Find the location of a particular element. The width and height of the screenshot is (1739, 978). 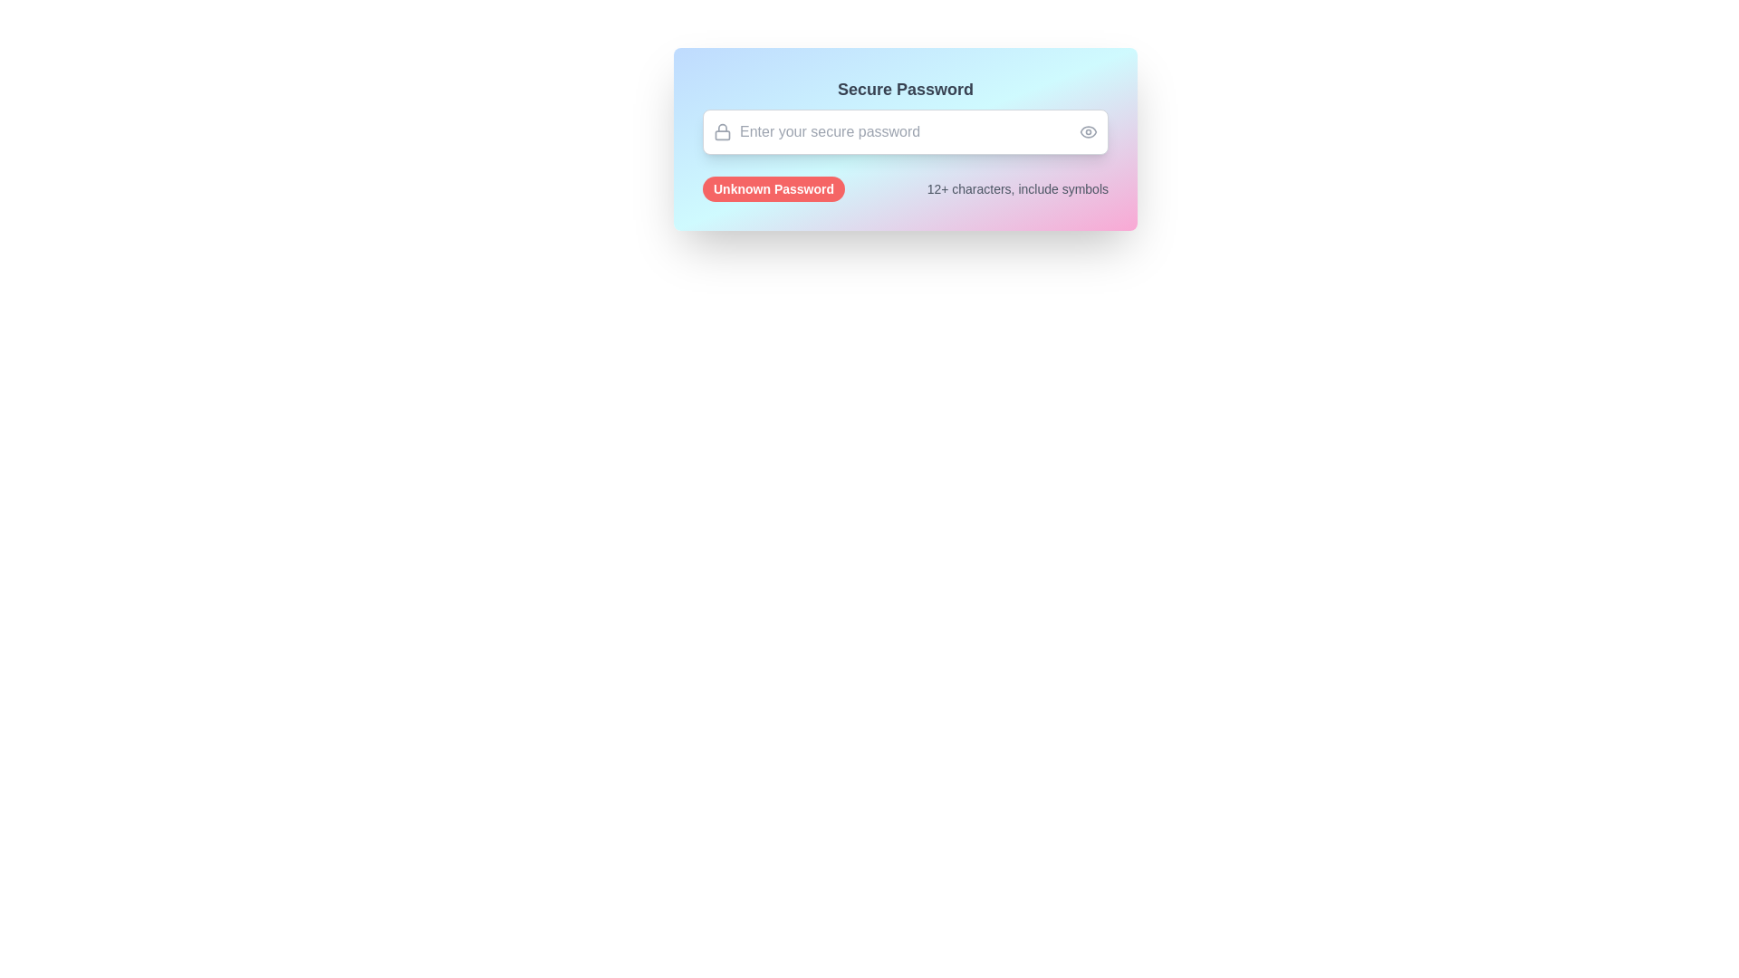

the password status indicator bar displaying 'Unknown Password' and guidelines is located at coordinates (905, 188).